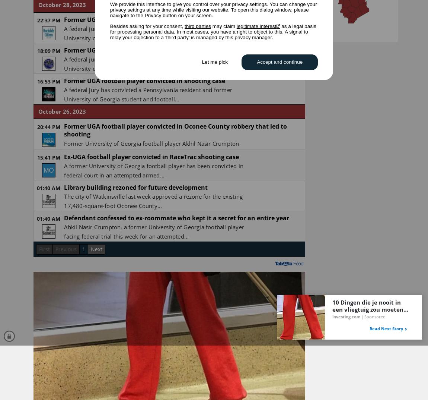  Describe the element at coordinates (36, 50) in the screenshot. I see `'18:09 PM'` at that location.